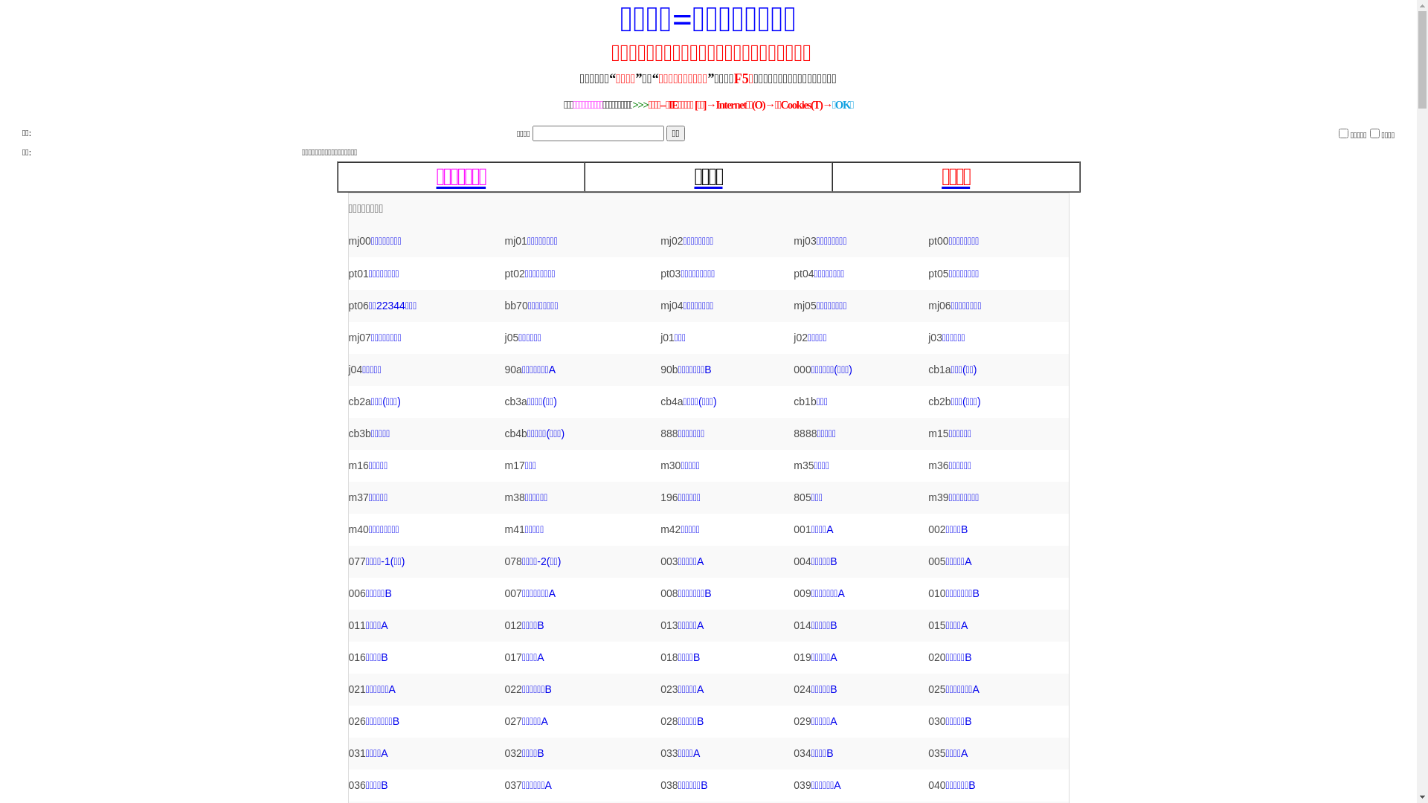 The height and width of the screenshot is (803, 1428). I want to click on 'cb1a', so click(927, 369).